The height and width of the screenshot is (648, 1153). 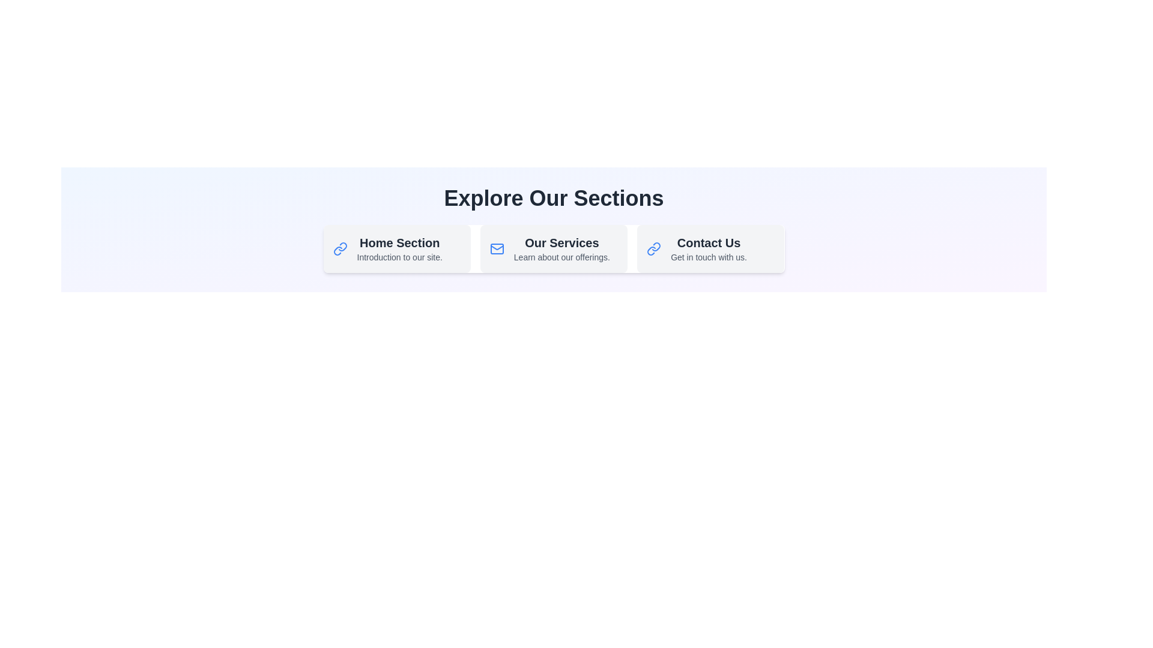 I want to click on the 'Contact Us' header label, which serves as a concise identifier for its section, positioned at the top of the 'Contact Us' area, so click(x=709, y=243).